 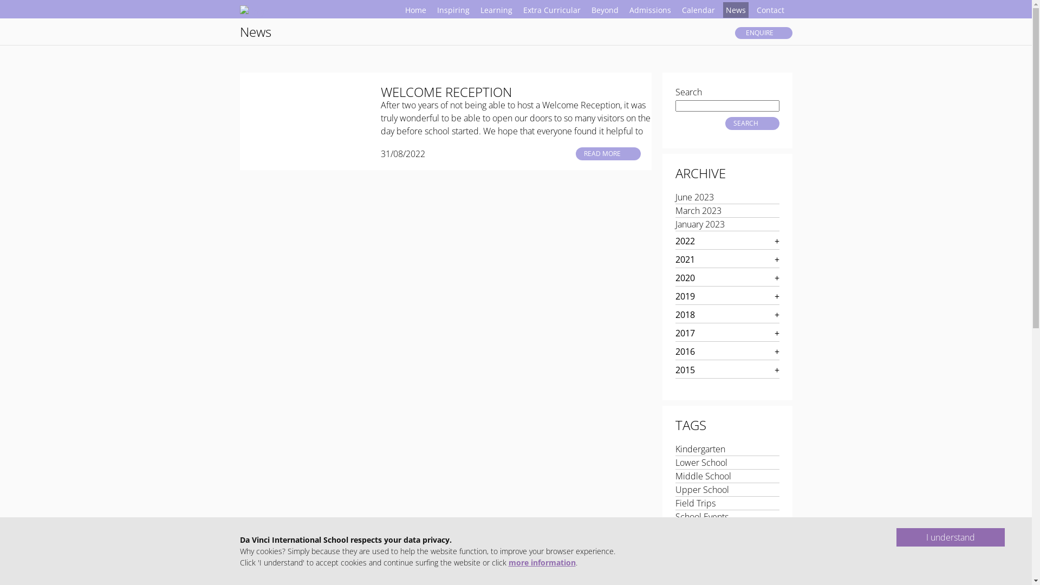 I want to click on 'Home', so click(x=414, y=10).